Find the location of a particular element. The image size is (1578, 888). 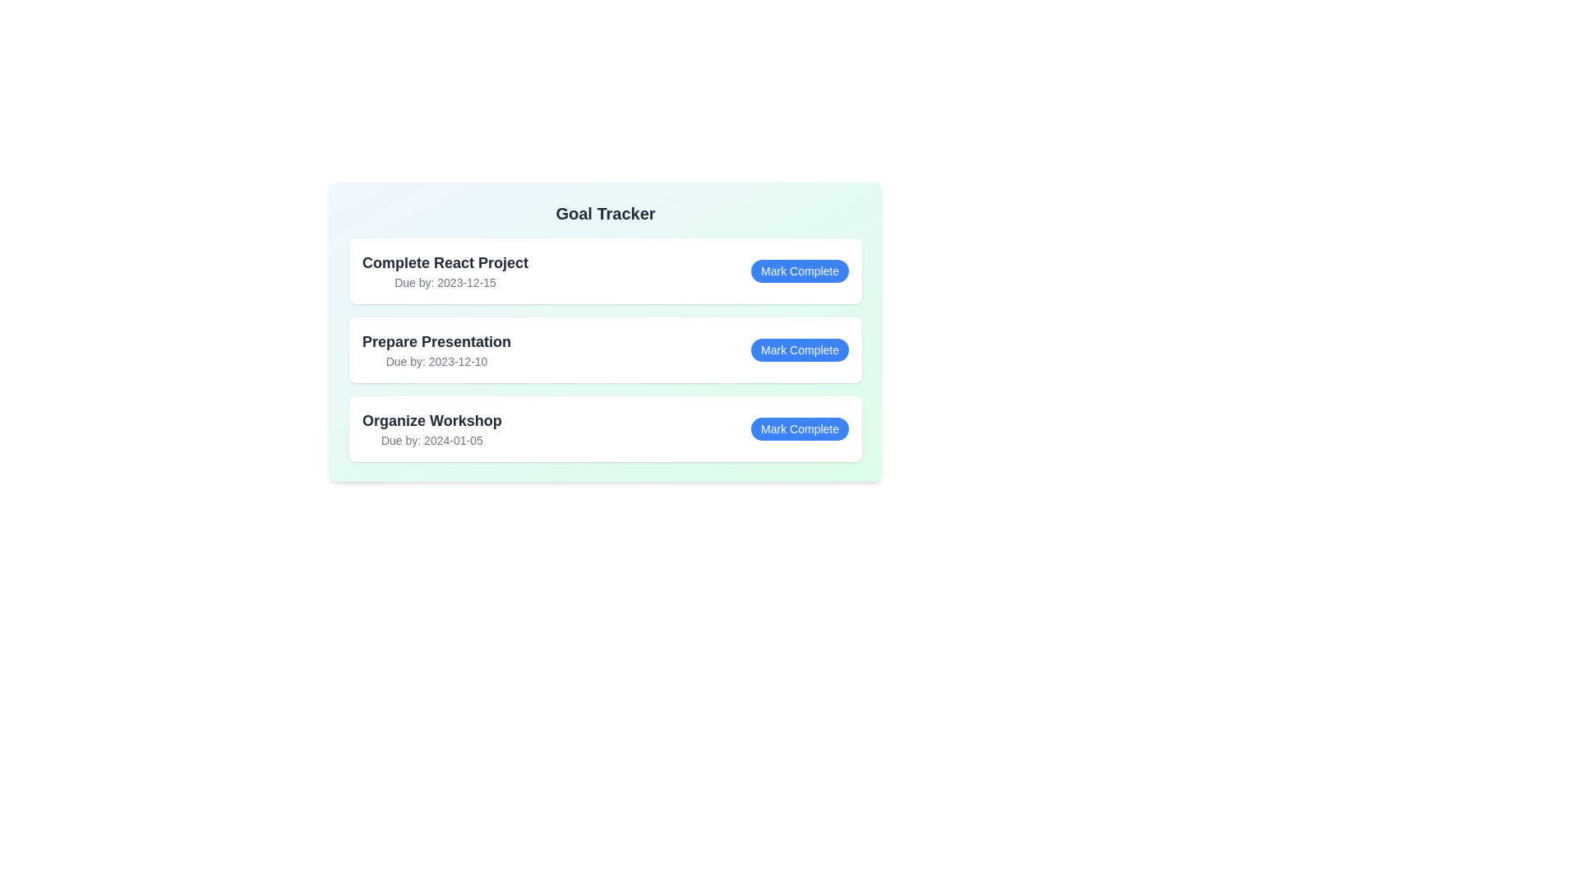

'Mark Complete' button for the goal titled 'Prepare Presentation' is located at coordinates (800, 349).